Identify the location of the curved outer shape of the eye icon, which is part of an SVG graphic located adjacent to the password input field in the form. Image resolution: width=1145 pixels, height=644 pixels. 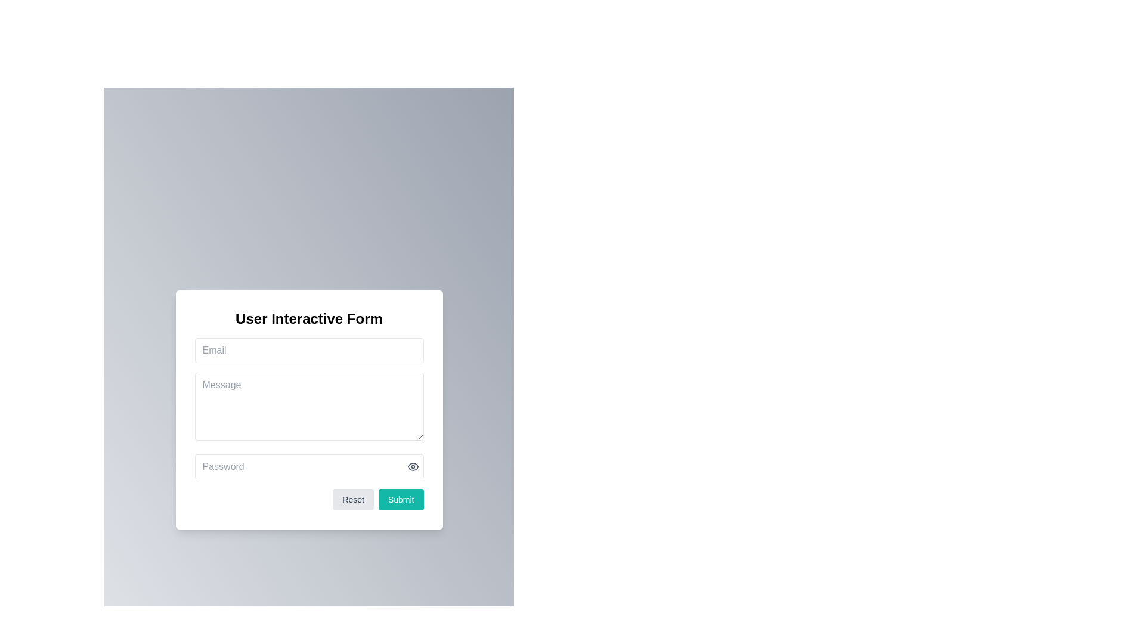
(413, 466).